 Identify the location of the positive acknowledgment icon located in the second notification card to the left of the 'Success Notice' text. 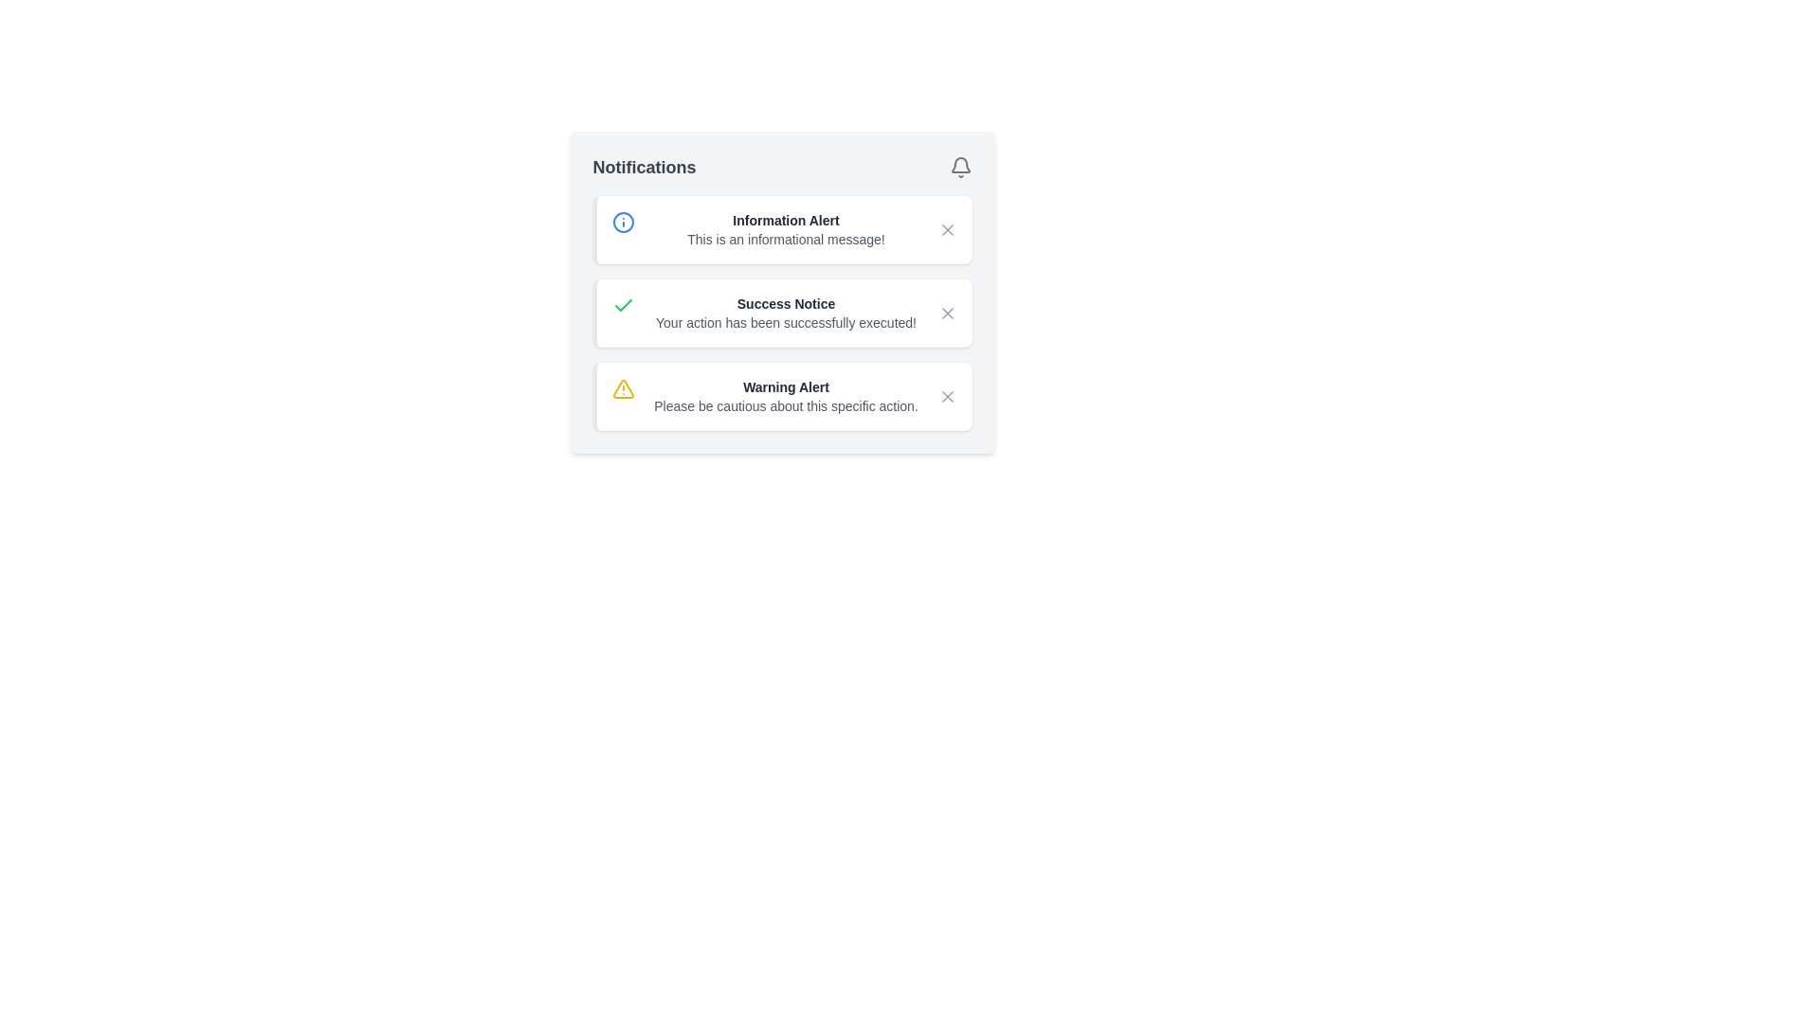
(623, 305).